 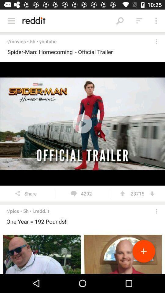 What do you see at coordinates (156, 211) in the screenshot?
I see `see more options` at bounding box center [156, 211].